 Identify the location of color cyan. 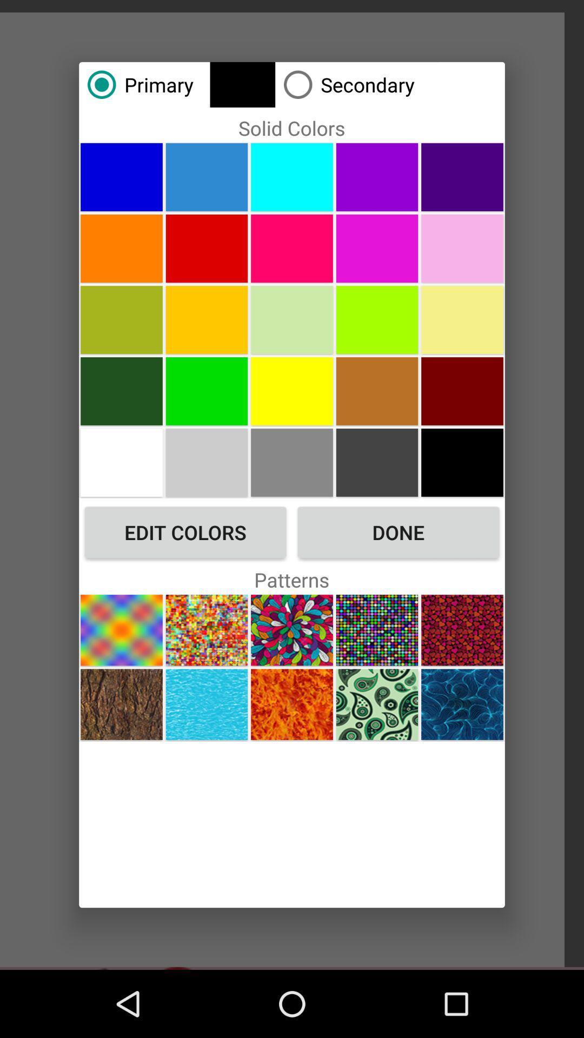
(292, 177).